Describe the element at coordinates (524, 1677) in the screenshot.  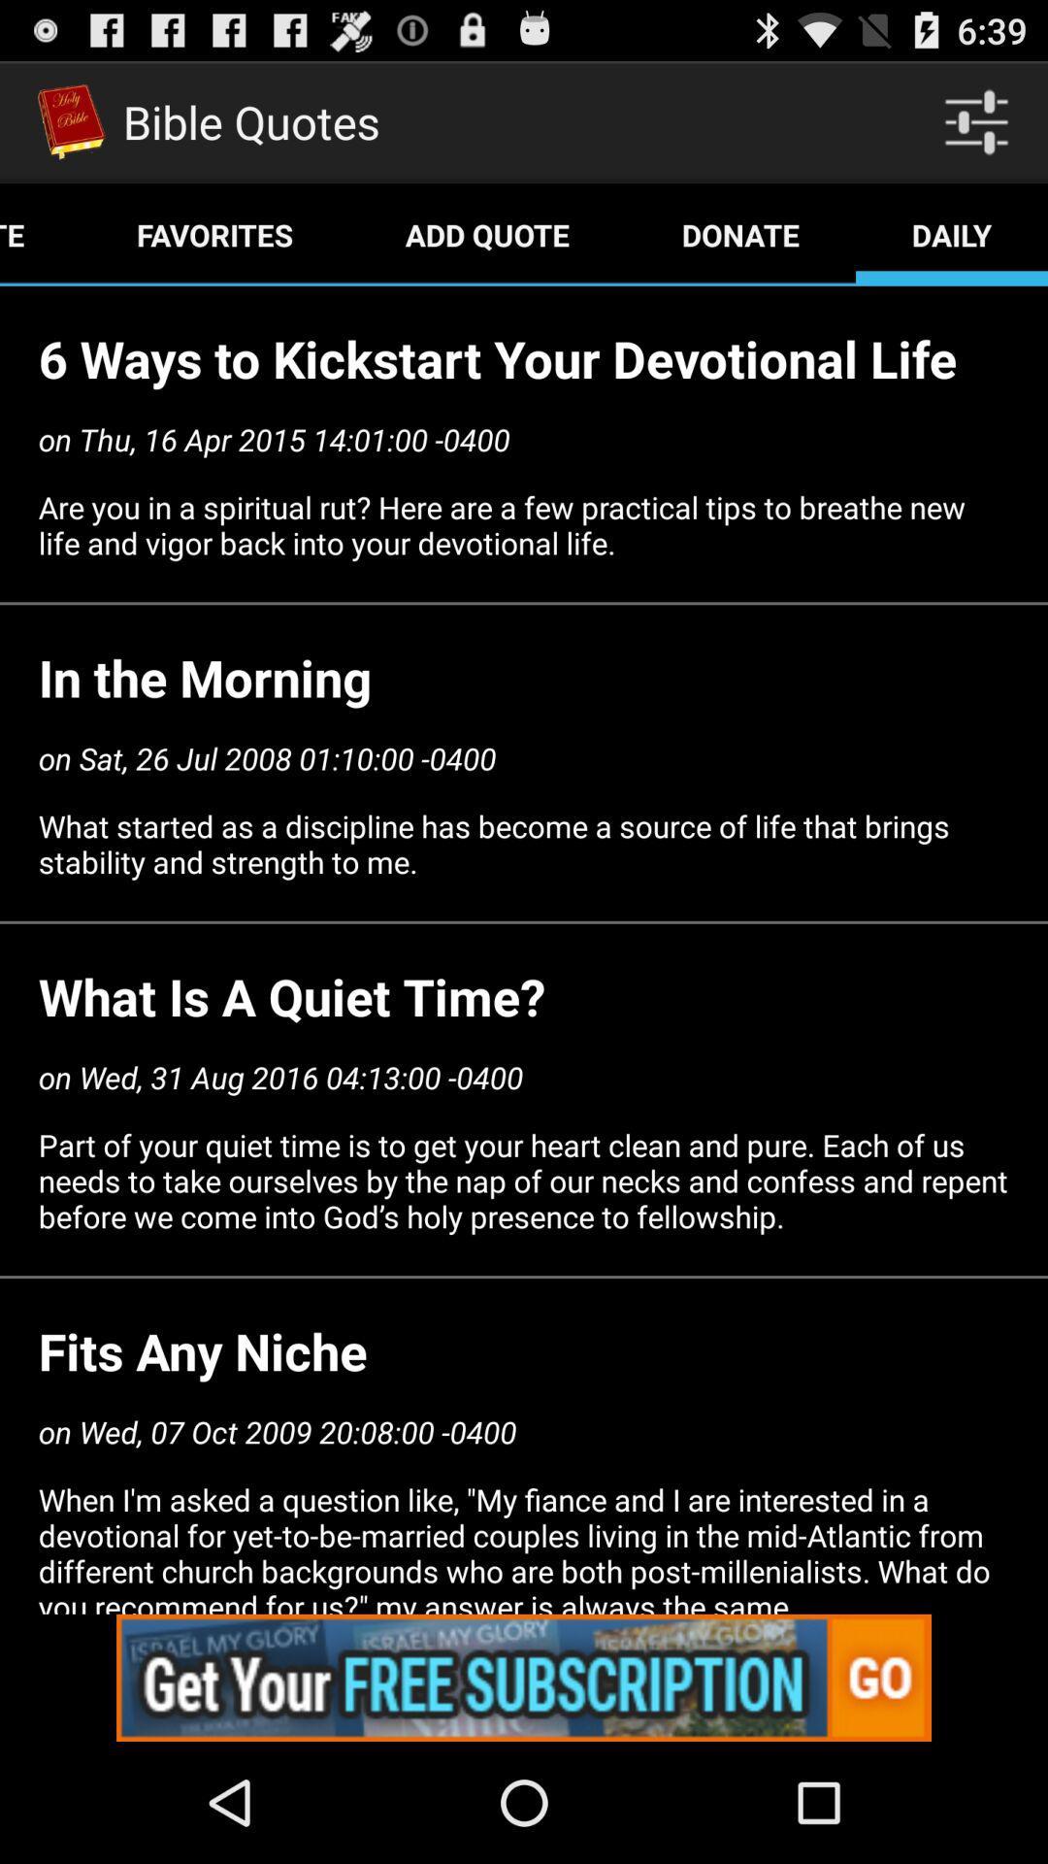
I see `click advertisements` at that location.